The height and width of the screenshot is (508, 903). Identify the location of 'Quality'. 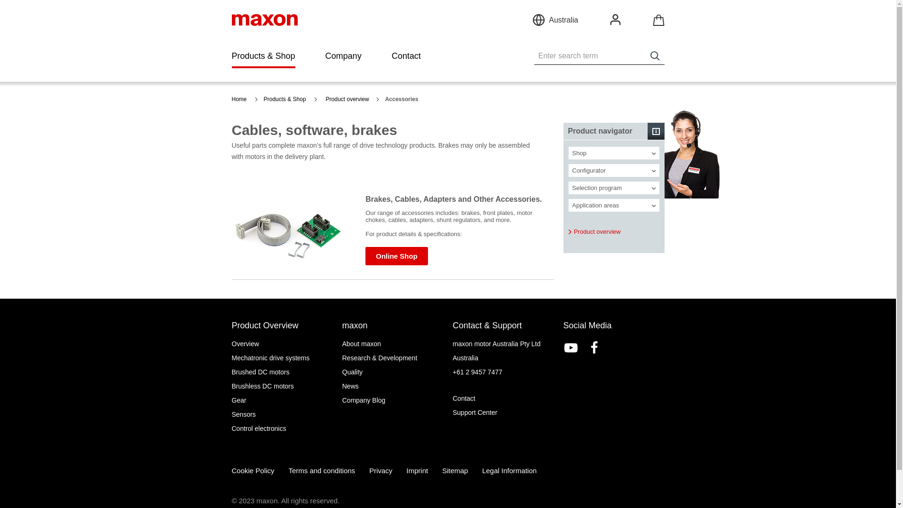
(342, 371).